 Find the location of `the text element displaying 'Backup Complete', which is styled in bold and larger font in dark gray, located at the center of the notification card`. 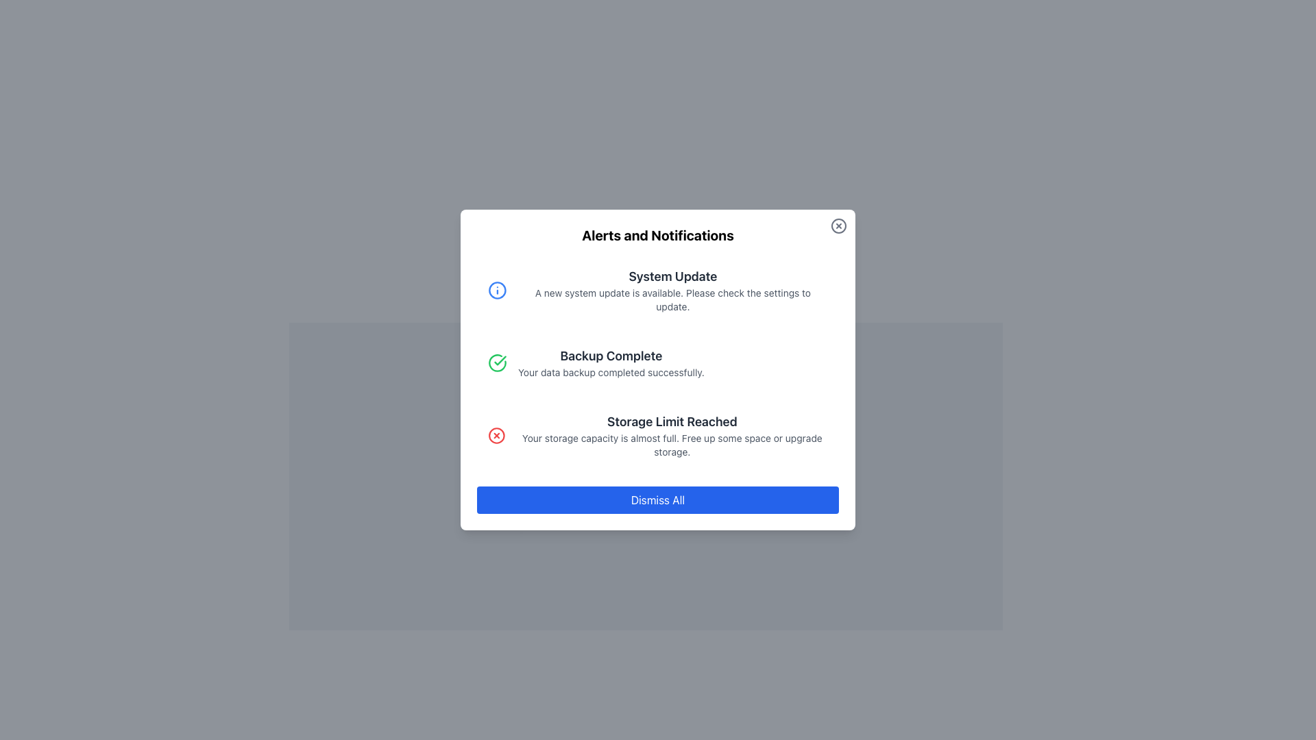

the text element displaying 'Backup Complete', which is styled in bold and larger font in dark gray, located at the center of the notification card is located at coordinates (610, 356).